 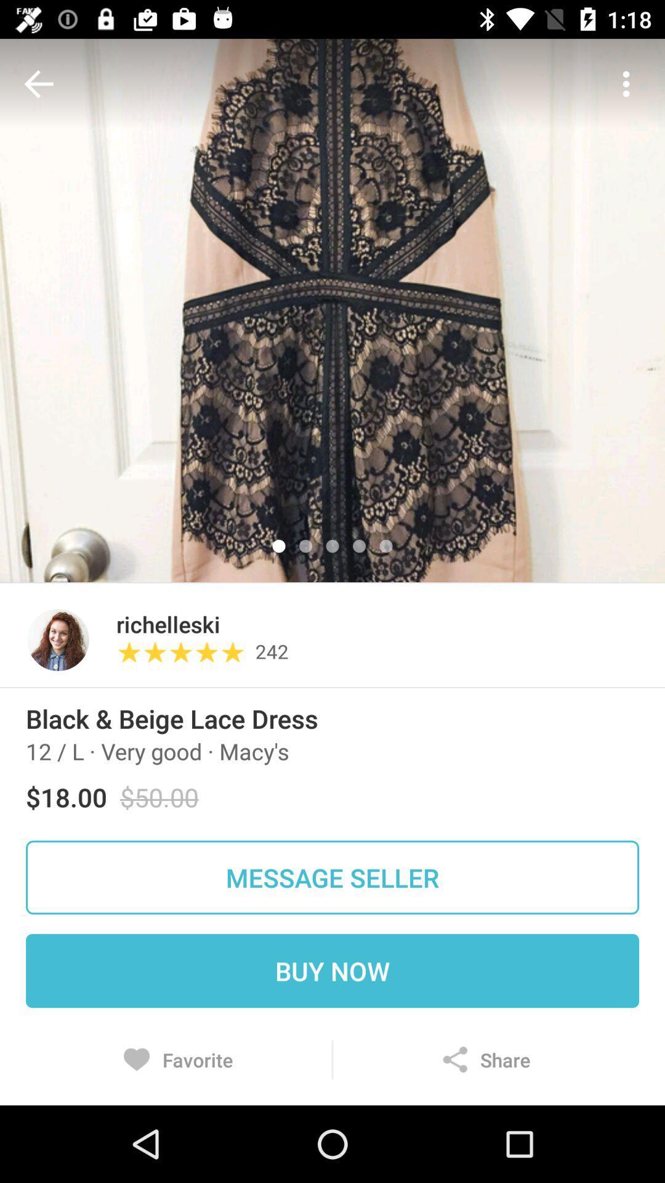 I want to click on the richelleski, so click(x=168, y=624).